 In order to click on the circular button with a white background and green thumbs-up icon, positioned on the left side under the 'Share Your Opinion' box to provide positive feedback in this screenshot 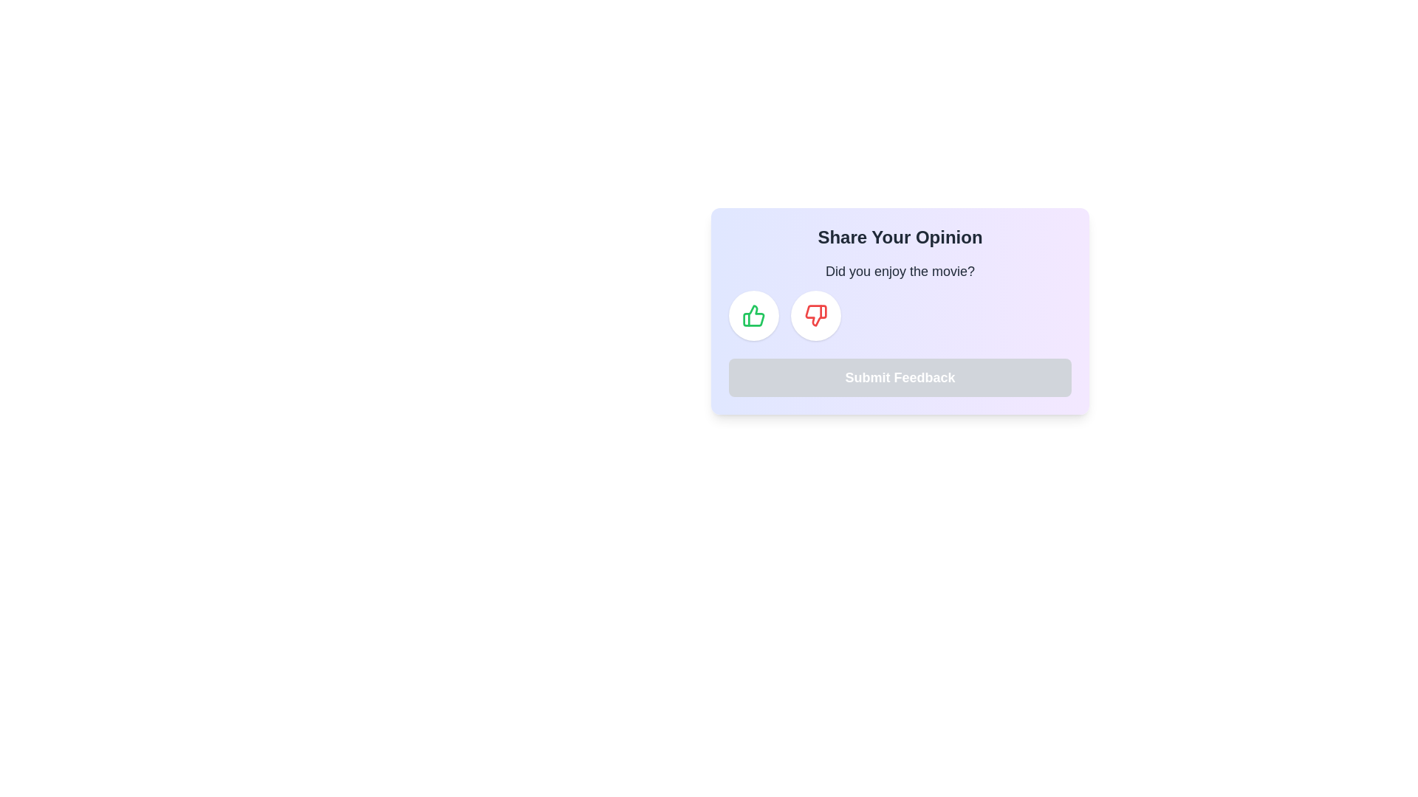, I will do `click(754, 315)`.